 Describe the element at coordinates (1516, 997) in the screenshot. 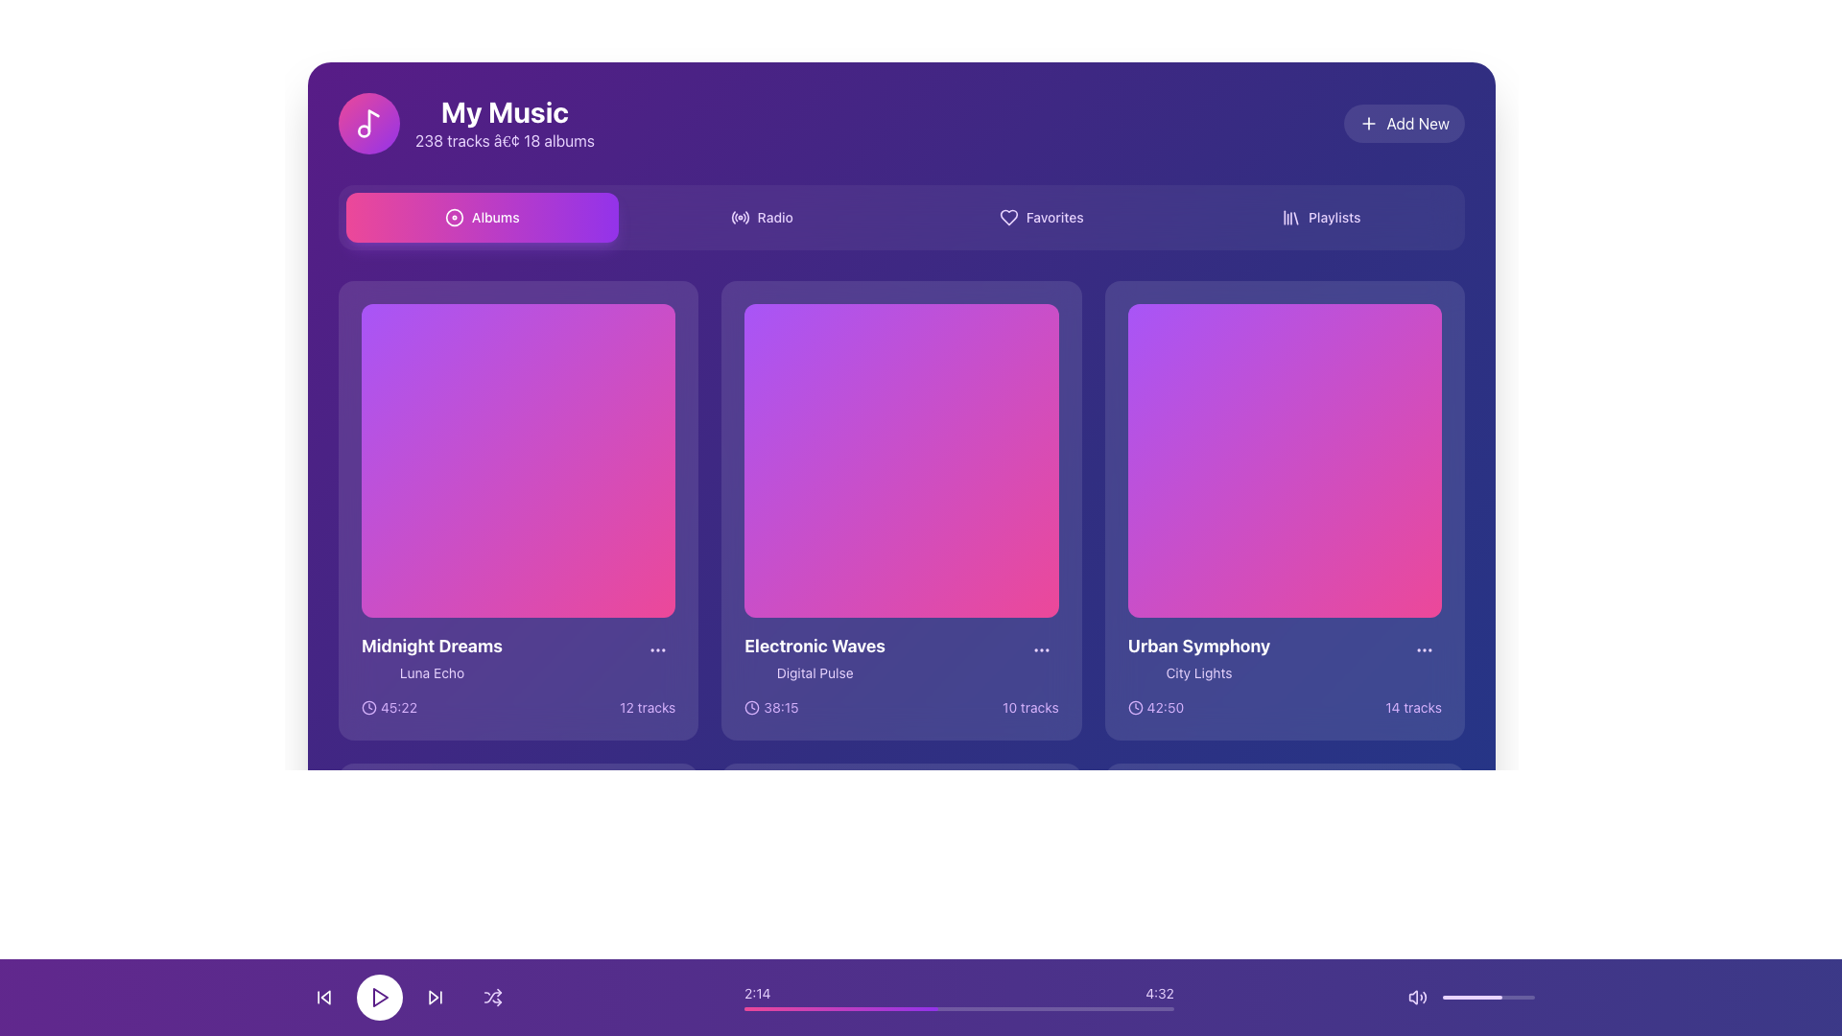

I see `volume` at that location.